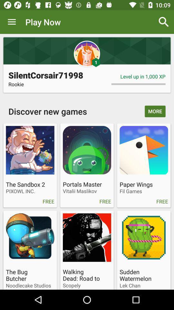  I want to click on the app next to play now icon, so click(12, 22).